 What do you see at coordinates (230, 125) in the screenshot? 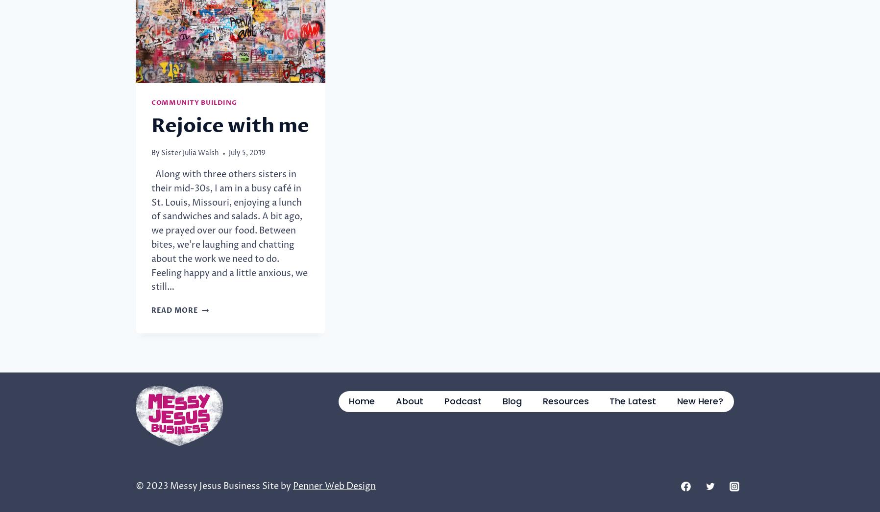
I see `'Rejoice with me'` at bounding box center [230, 125].